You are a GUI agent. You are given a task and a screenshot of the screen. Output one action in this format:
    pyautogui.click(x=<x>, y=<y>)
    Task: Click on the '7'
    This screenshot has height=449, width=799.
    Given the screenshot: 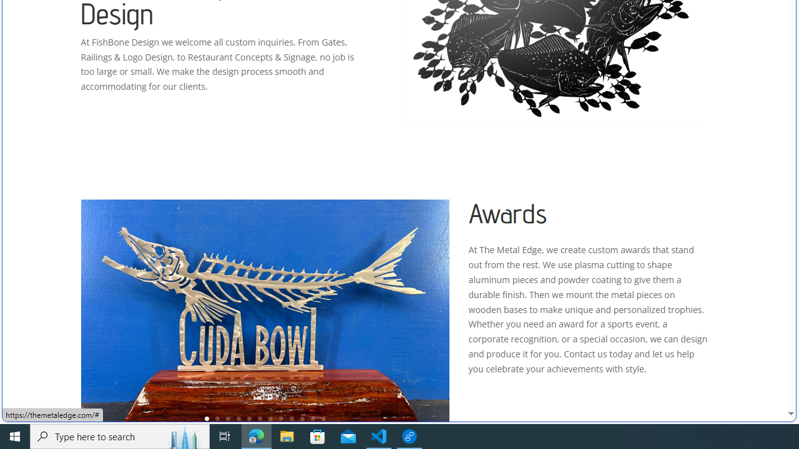 What is the action you would take?
    pyautogui.click(x=270, y=418)
    